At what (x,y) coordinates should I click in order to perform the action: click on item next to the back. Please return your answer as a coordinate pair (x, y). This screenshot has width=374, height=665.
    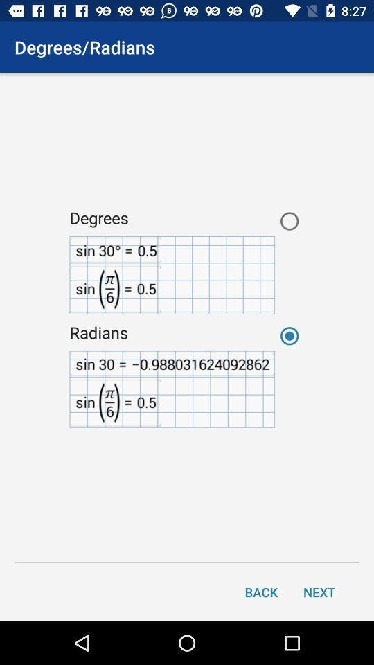
    Looking at the image, I should click on (319, 591).